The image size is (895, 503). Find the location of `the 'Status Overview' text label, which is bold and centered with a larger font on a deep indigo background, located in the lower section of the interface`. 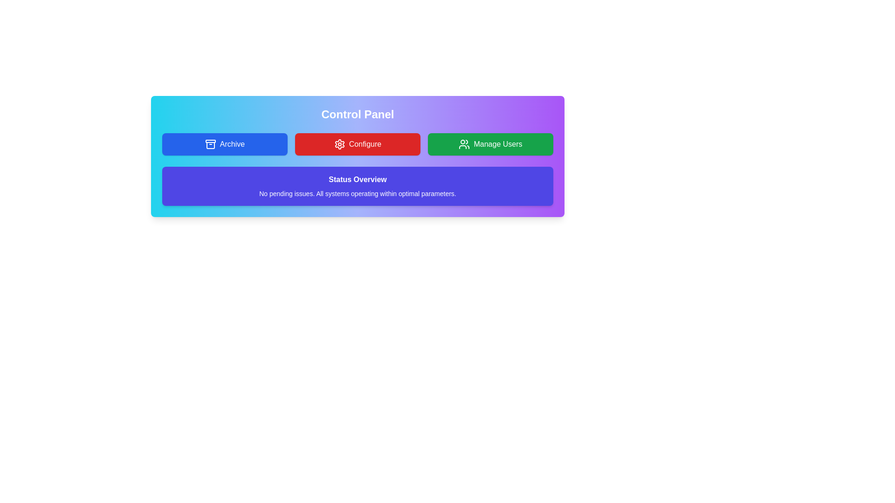

the 'Status Overview' text label, which is bold and centered with a larger font on a deep indigo background, located in the lower section of the interface is located at coordinates (357, 179).